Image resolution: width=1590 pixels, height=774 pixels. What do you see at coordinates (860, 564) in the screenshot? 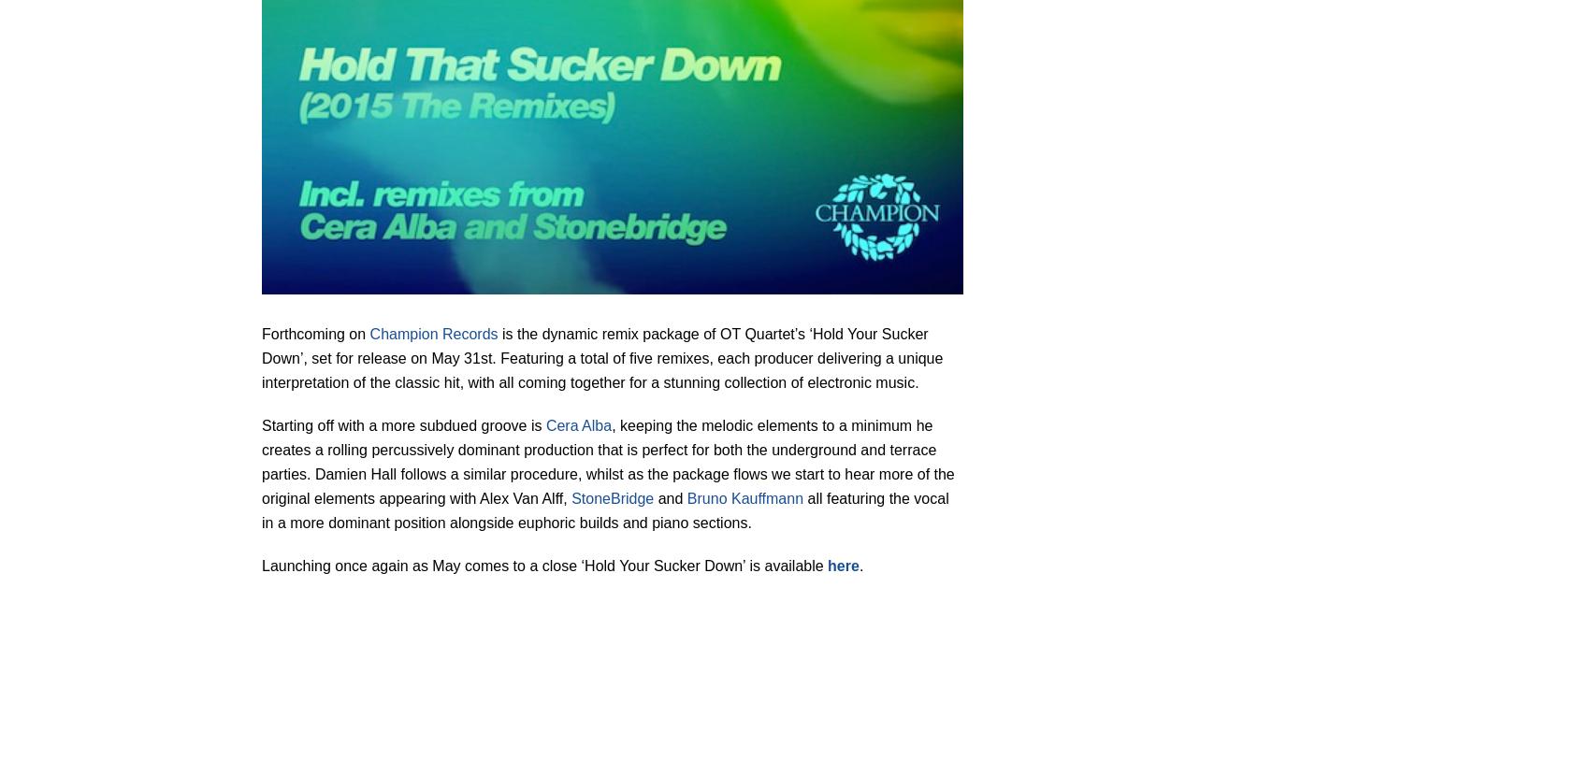
I see `'.'` at bounding box center [860, 564].